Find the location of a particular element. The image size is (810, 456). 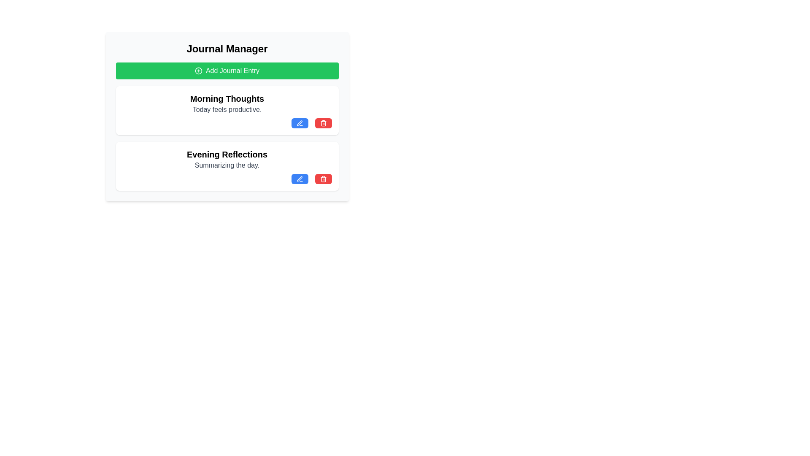

the text element reading 'Summarizing the day.' which is styled in gray font and located below the heading 'Evening Reflections' is located at coordinates (227, 166).